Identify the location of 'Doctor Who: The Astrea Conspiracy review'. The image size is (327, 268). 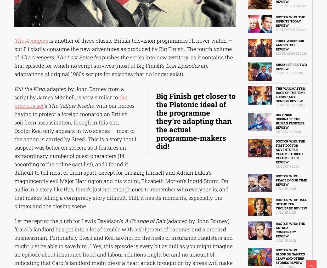
(275, 230).